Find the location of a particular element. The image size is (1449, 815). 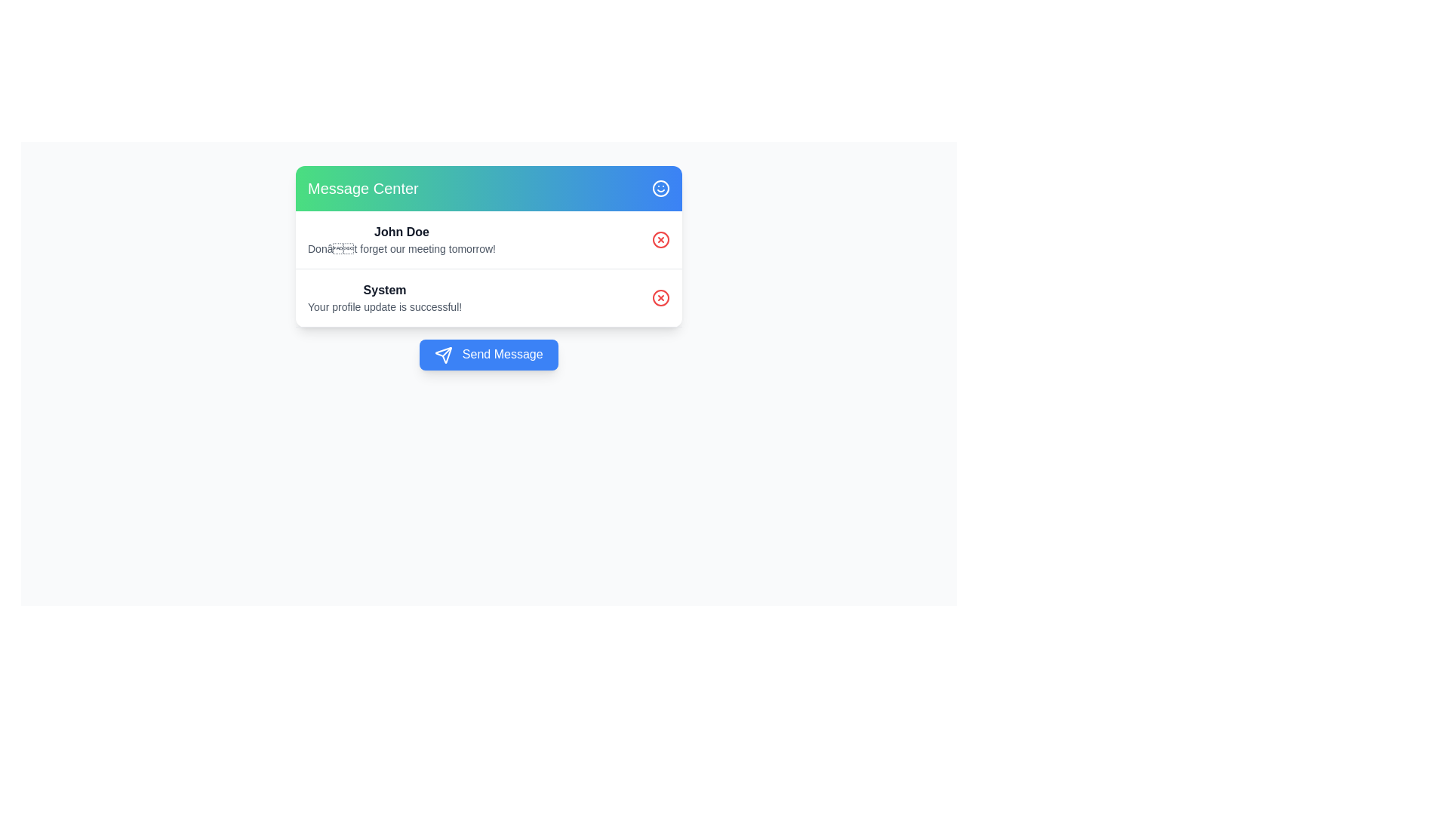

the red circular icon with a cross inside it, located next to the text 'Don’t forget our meeting tomorrow!' on the right side of the row displaying 'John Doe' is located at coordinates (660, 238).